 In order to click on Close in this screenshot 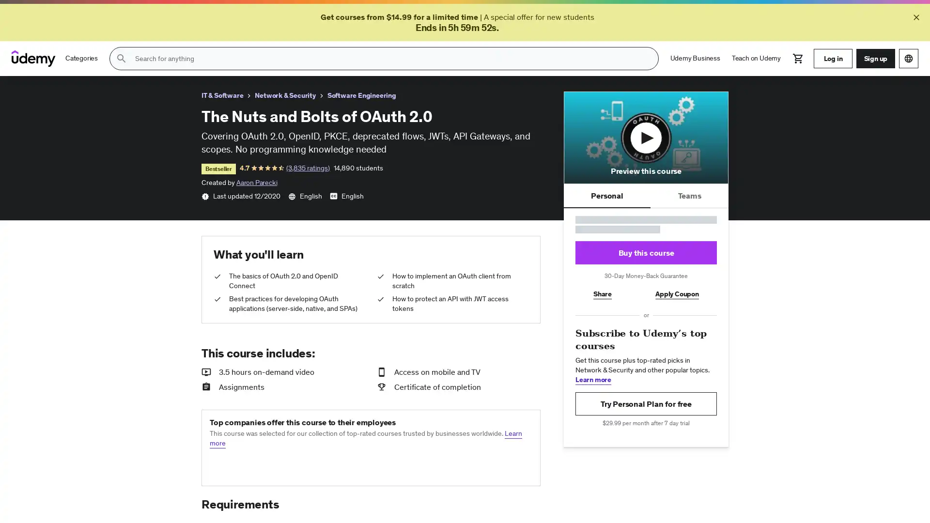, I will do `click(915, 17)`.